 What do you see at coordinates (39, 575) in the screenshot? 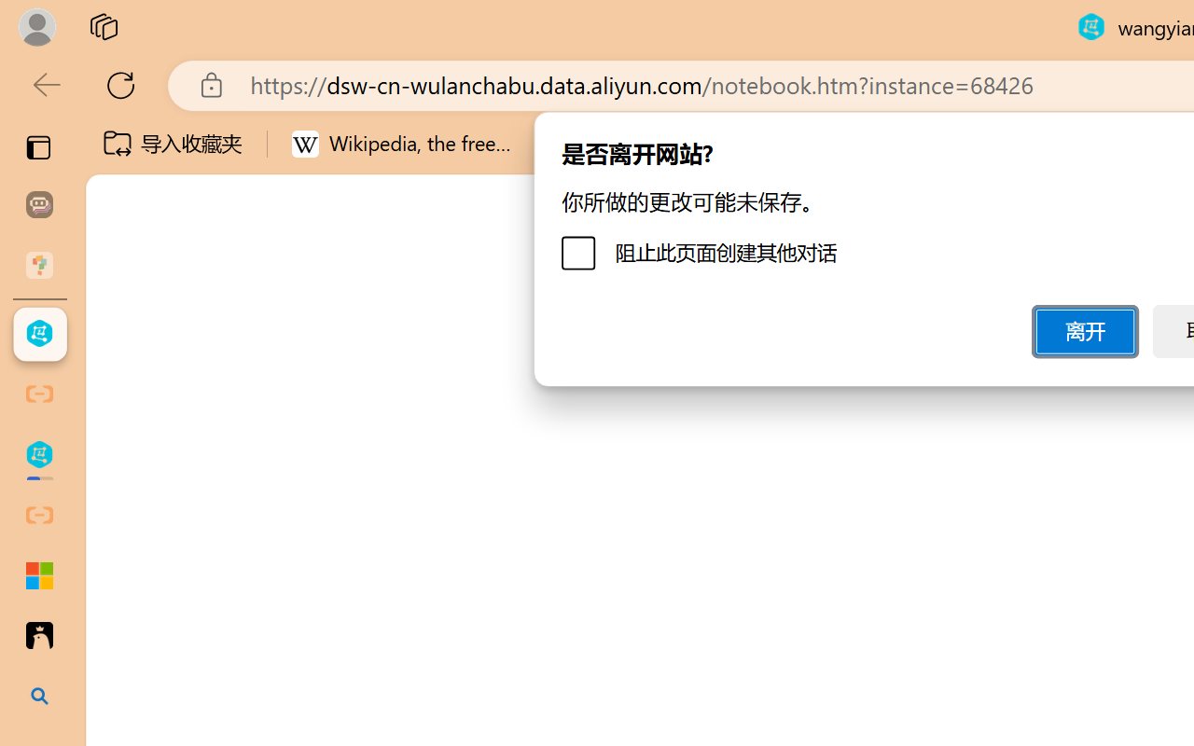
I see `'Adjust indents and spacing - Microsoft Support'` at bounding box center [39, 575].